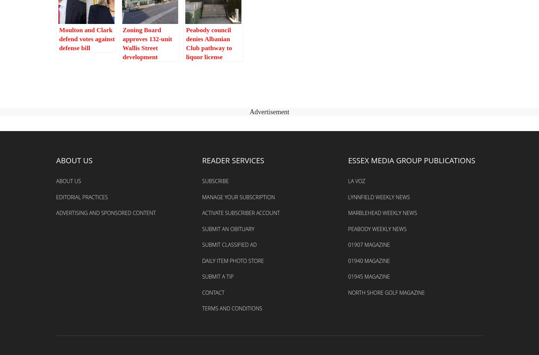 Image resolution: width=539 pixels, height=355 pixels. I want to click on '01907 Magazine', so click(368, 244).